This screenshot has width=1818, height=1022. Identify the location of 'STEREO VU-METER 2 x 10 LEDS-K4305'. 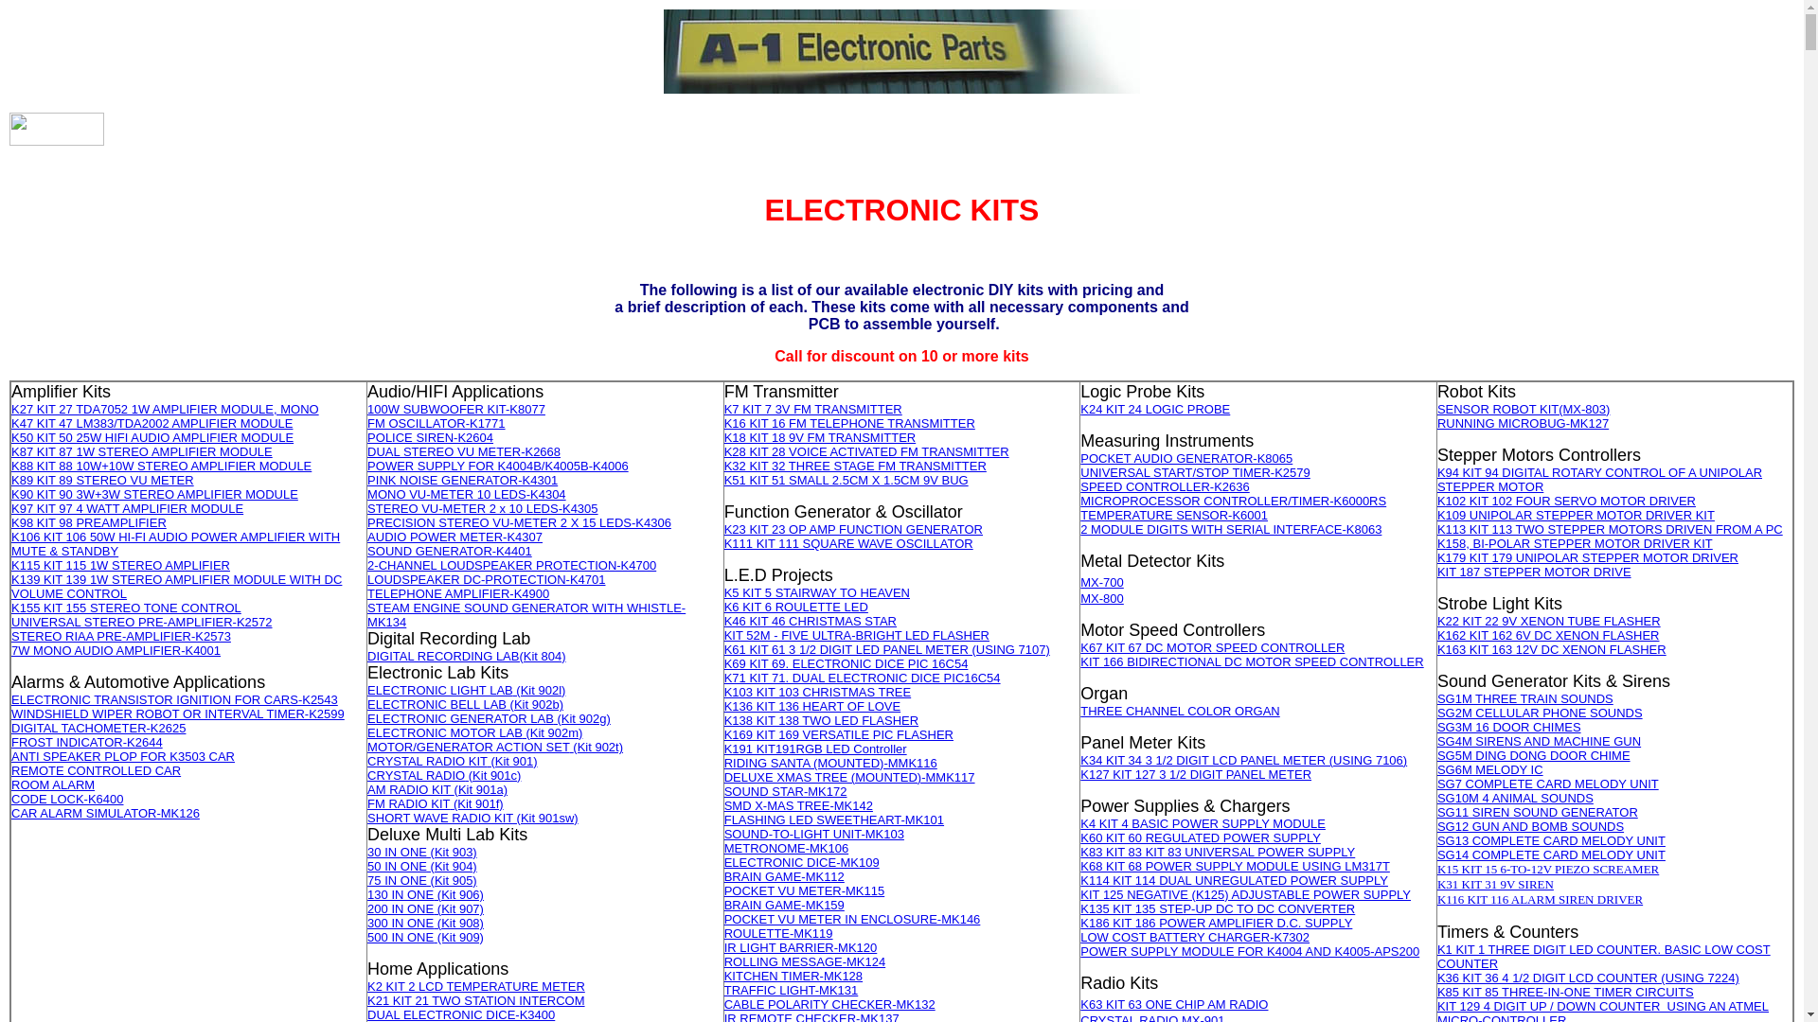
(482, 507).